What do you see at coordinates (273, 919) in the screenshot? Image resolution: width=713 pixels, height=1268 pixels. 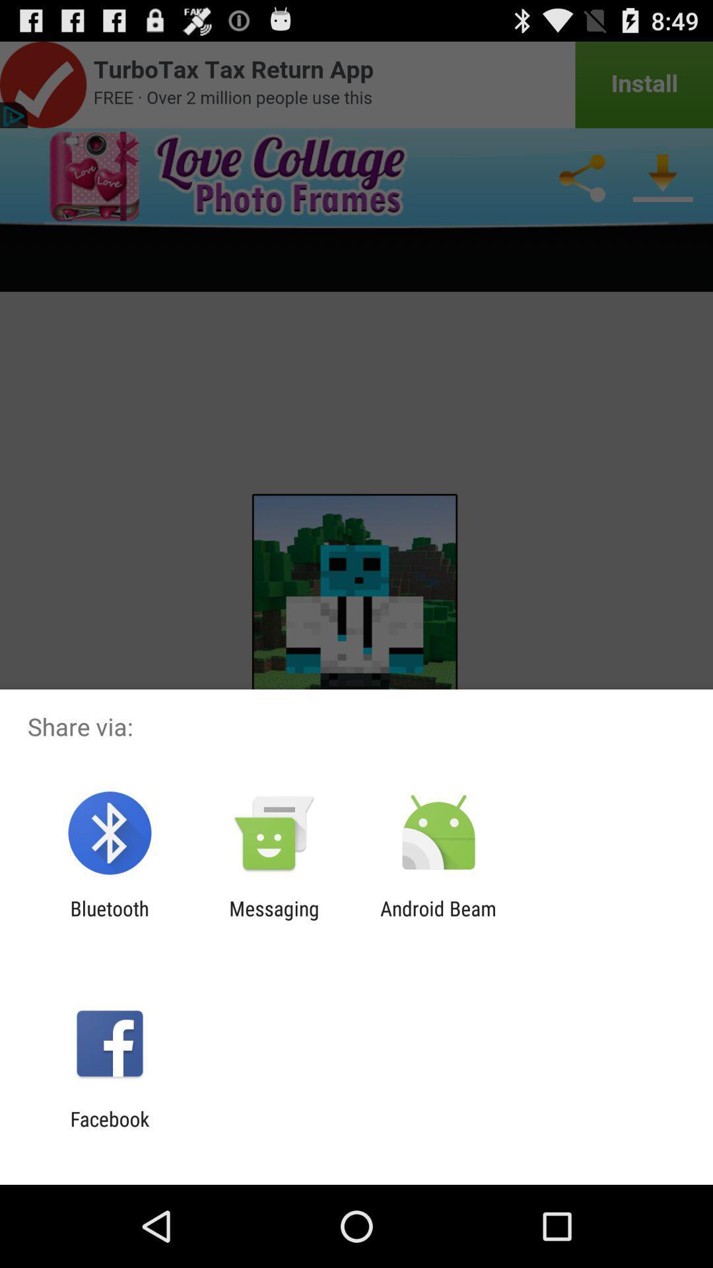 I see `item to the left of android beam item` at bounding box center [273, 919].